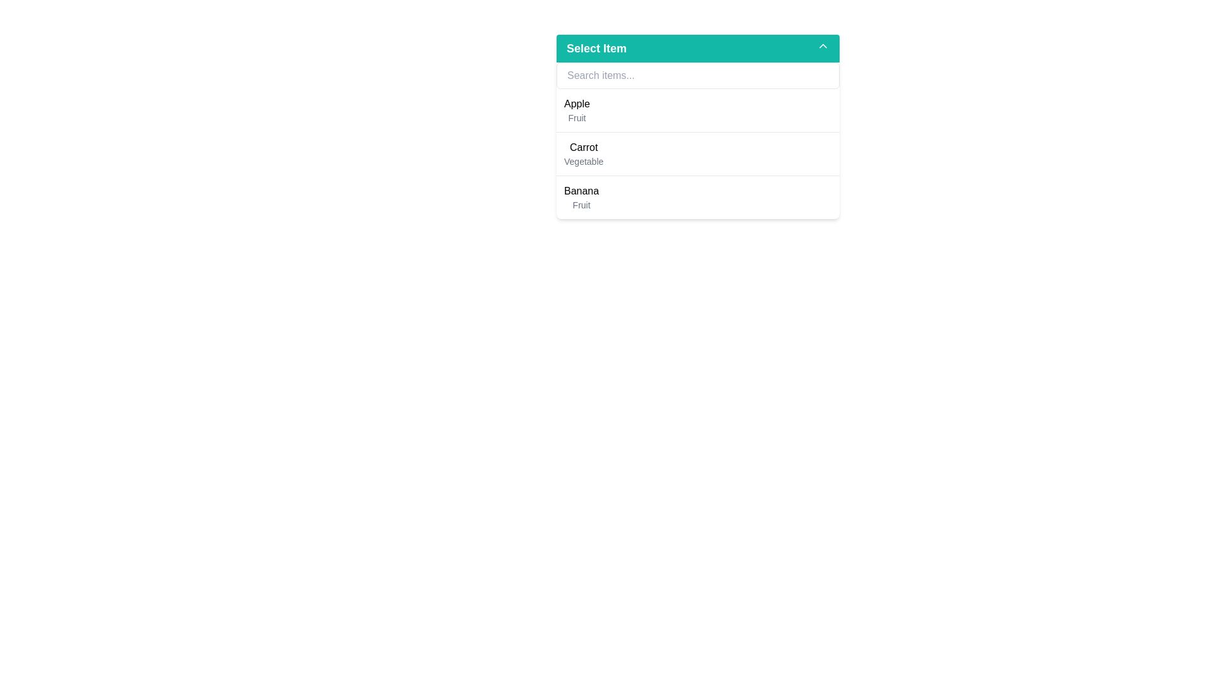 This screenshot has height=682, width=1213. I want to click on text label that identifies the item in the dropdown menu, positioned under the green header 'Select Item', so click(581, 191).